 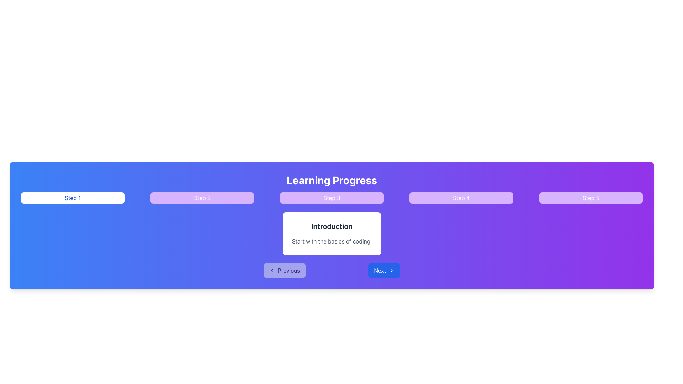 What do you see at coordinates (289, 270) in the screenshot?
I see `text 'Previous' displayed within the button located in the lower-left section of the interface, which has a light gray background and a left-pointing arrow icon` at bounding box center [289, 270].